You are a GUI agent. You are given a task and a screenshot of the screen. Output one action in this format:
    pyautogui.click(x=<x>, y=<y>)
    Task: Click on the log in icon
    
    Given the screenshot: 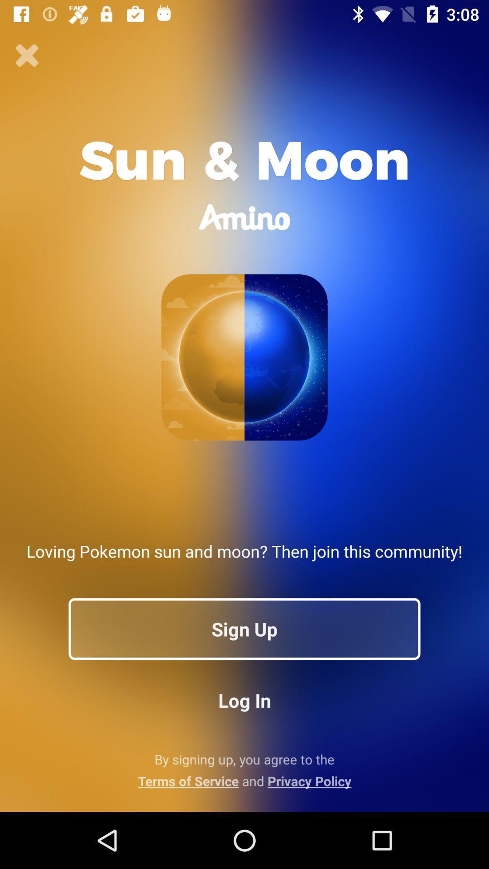 What is the action you would take?
    pyautogui.click(x=244, y=700)
    